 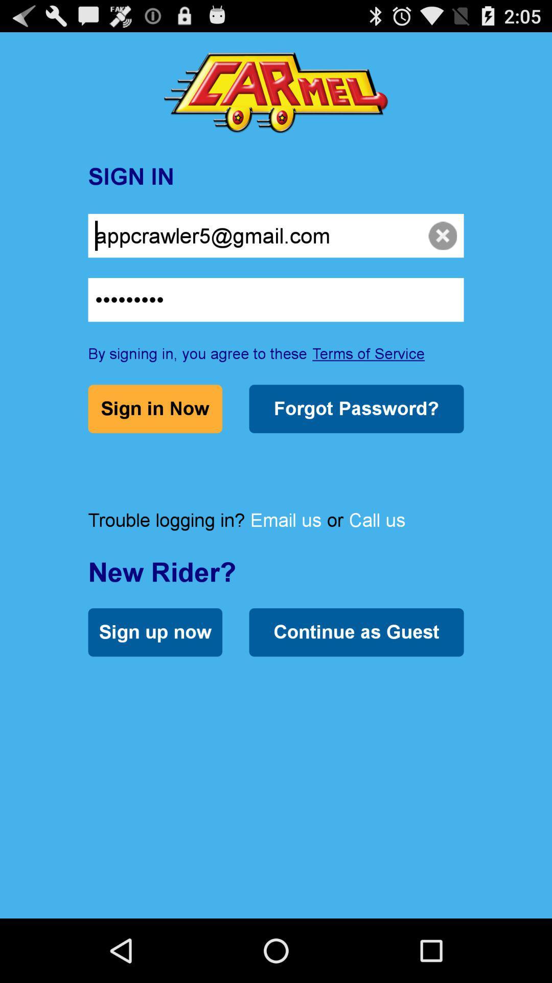 I want to click on carmel logo, so click(x=276, y=93).